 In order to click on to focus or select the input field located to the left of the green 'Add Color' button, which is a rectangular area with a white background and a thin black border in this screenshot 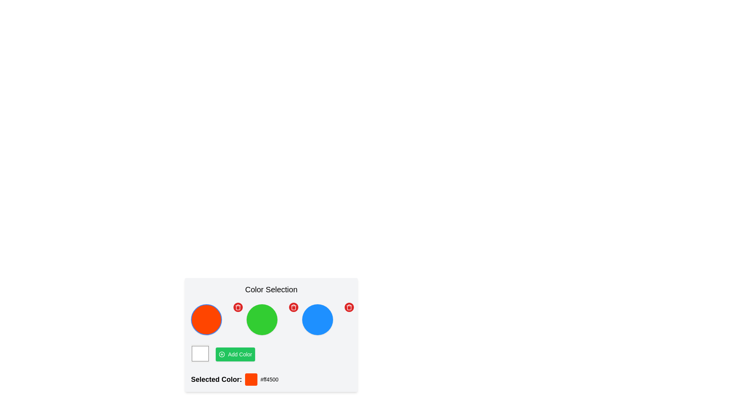, I will do `click(271, 354)`.